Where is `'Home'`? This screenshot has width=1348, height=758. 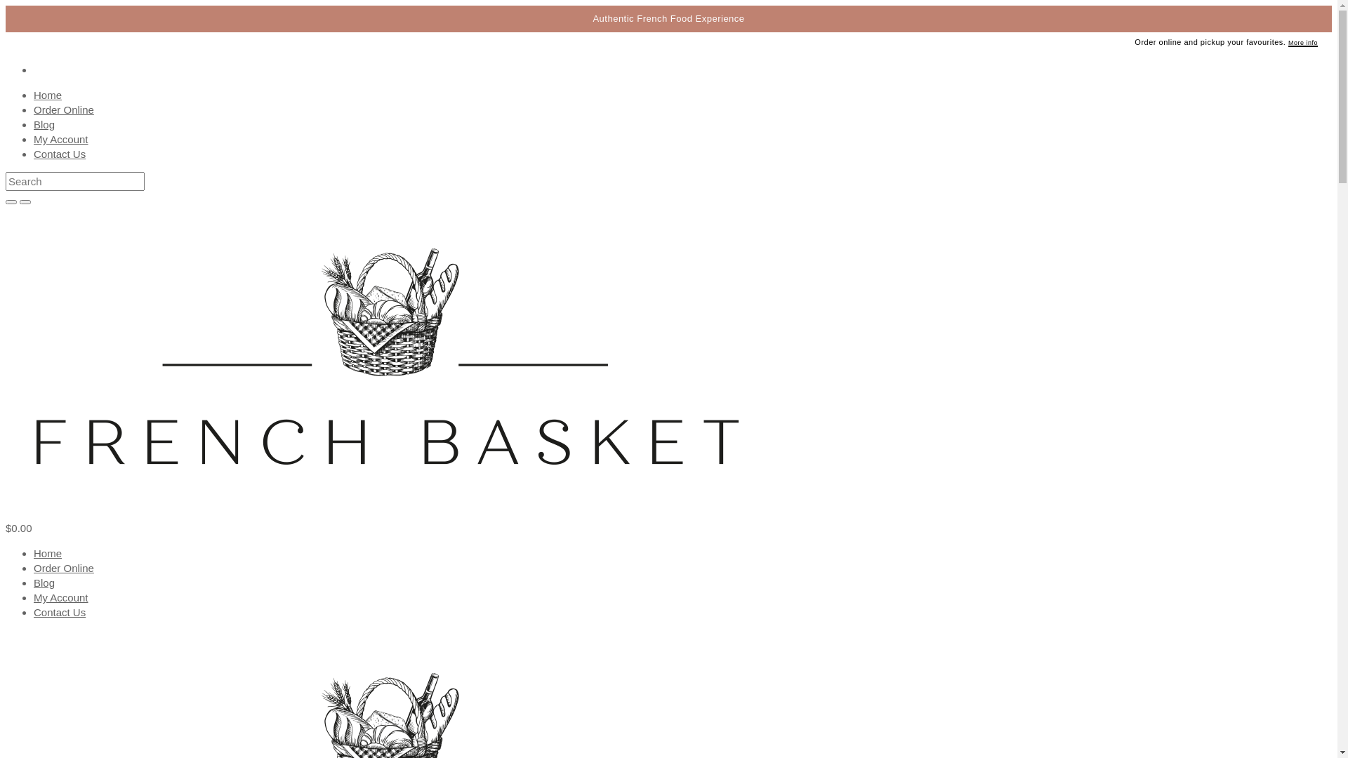
'Home' is located at coordinates (47, 95).